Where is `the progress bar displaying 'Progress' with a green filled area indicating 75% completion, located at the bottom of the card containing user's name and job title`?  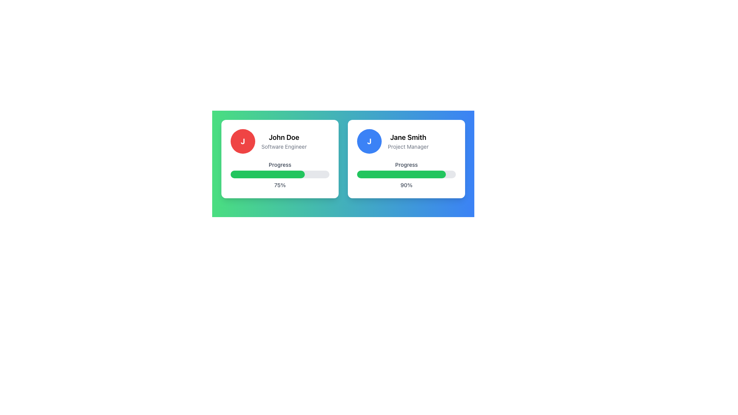 the progress bar displaying 'Progress' with a green filled area indicating 75% completion, located at the bottom of the card containing user's name and job title is located at coordinates (279, 174).